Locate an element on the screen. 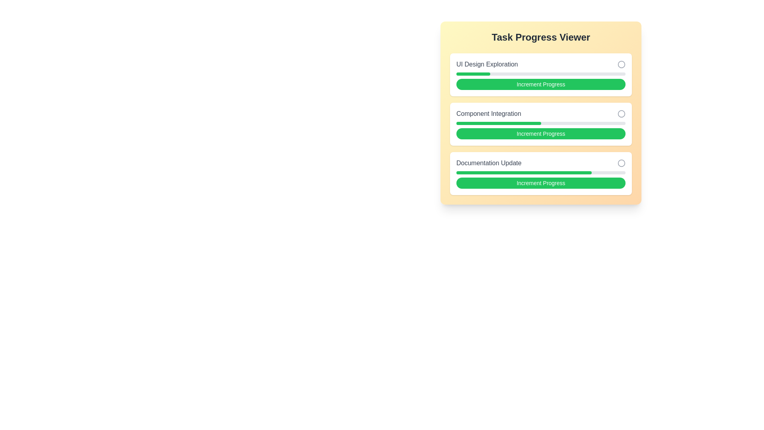  the circular status indicator located next to the 'UI Design Exploration' task, which has a light gray border and no fill, positioned as the rightmost marker in that section is located at coordinates (621, 64).